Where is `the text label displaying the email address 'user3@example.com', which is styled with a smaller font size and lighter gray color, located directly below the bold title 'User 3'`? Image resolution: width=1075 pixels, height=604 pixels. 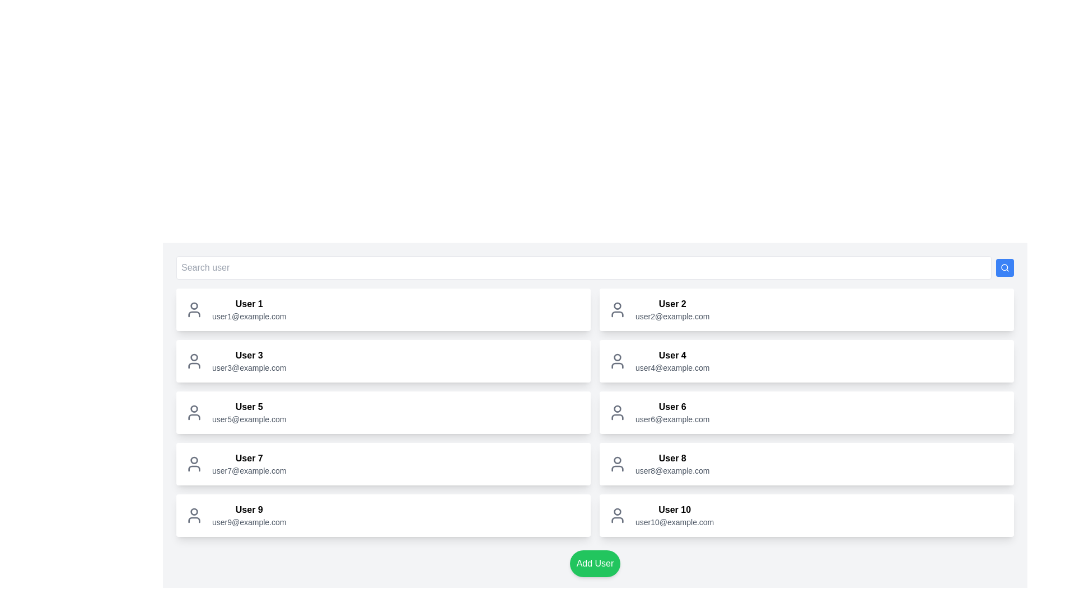
the text label displaying the email address 'user3@example.com', which is styled with a smaller font size and lighter gray color, located directly below the bold title 'User 3' is located at coordinates (249, 368).